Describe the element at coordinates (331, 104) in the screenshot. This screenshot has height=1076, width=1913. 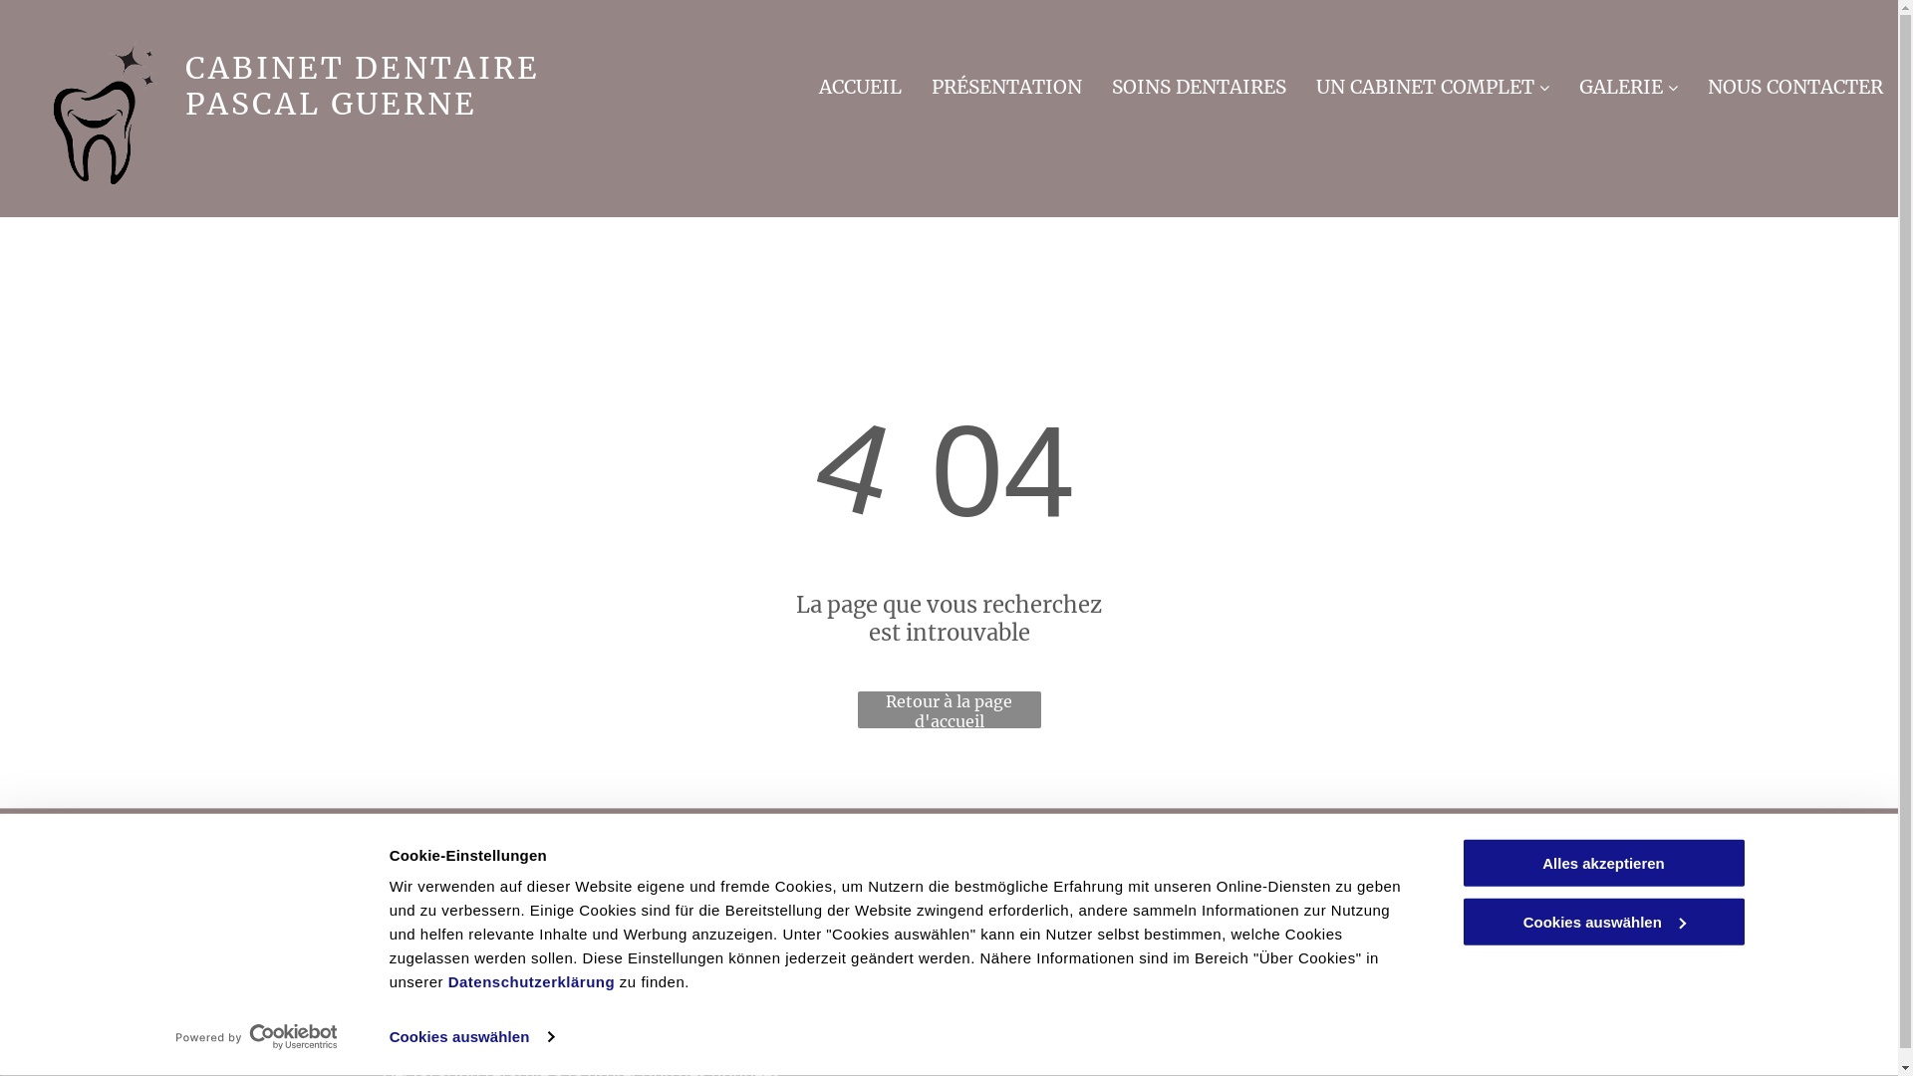
I see `'PASCAL GUERNE'` at that location.